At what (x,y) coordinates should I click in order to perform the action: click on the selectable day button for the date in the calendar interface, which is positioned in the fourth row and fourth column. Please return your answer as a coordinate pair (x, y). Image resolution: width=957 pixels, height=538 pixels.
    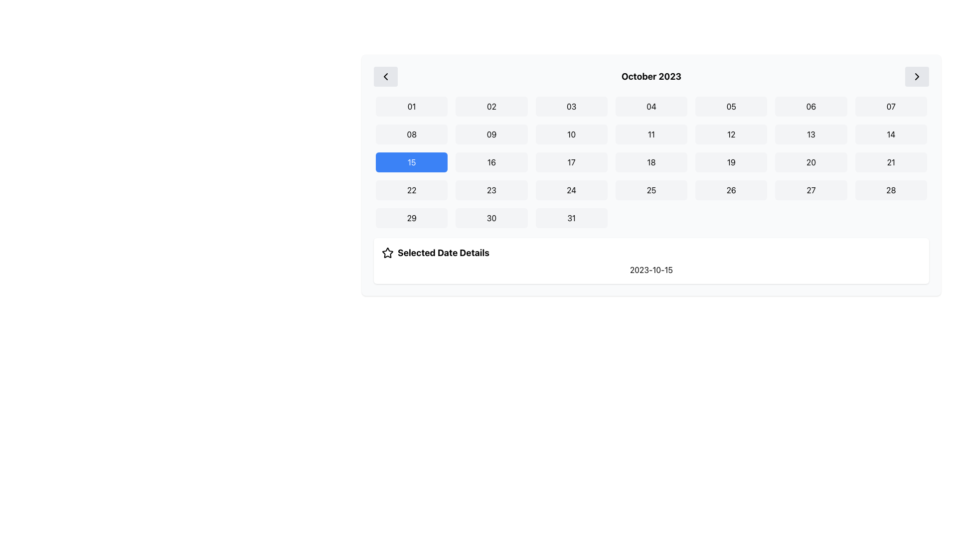
    Looking at the image, I should click on (651, 190).